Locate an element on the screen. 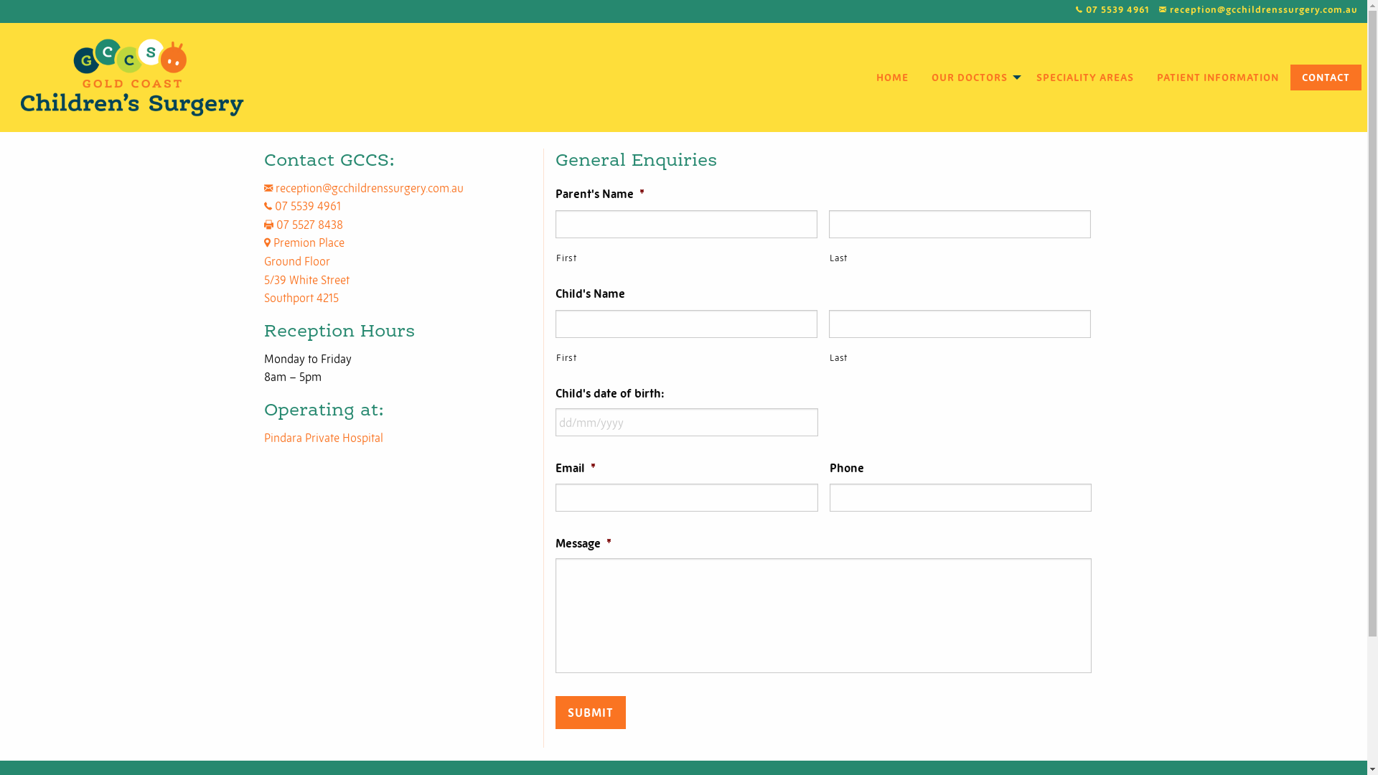  '07 5527 8438' is located at coordinates (302, 224).